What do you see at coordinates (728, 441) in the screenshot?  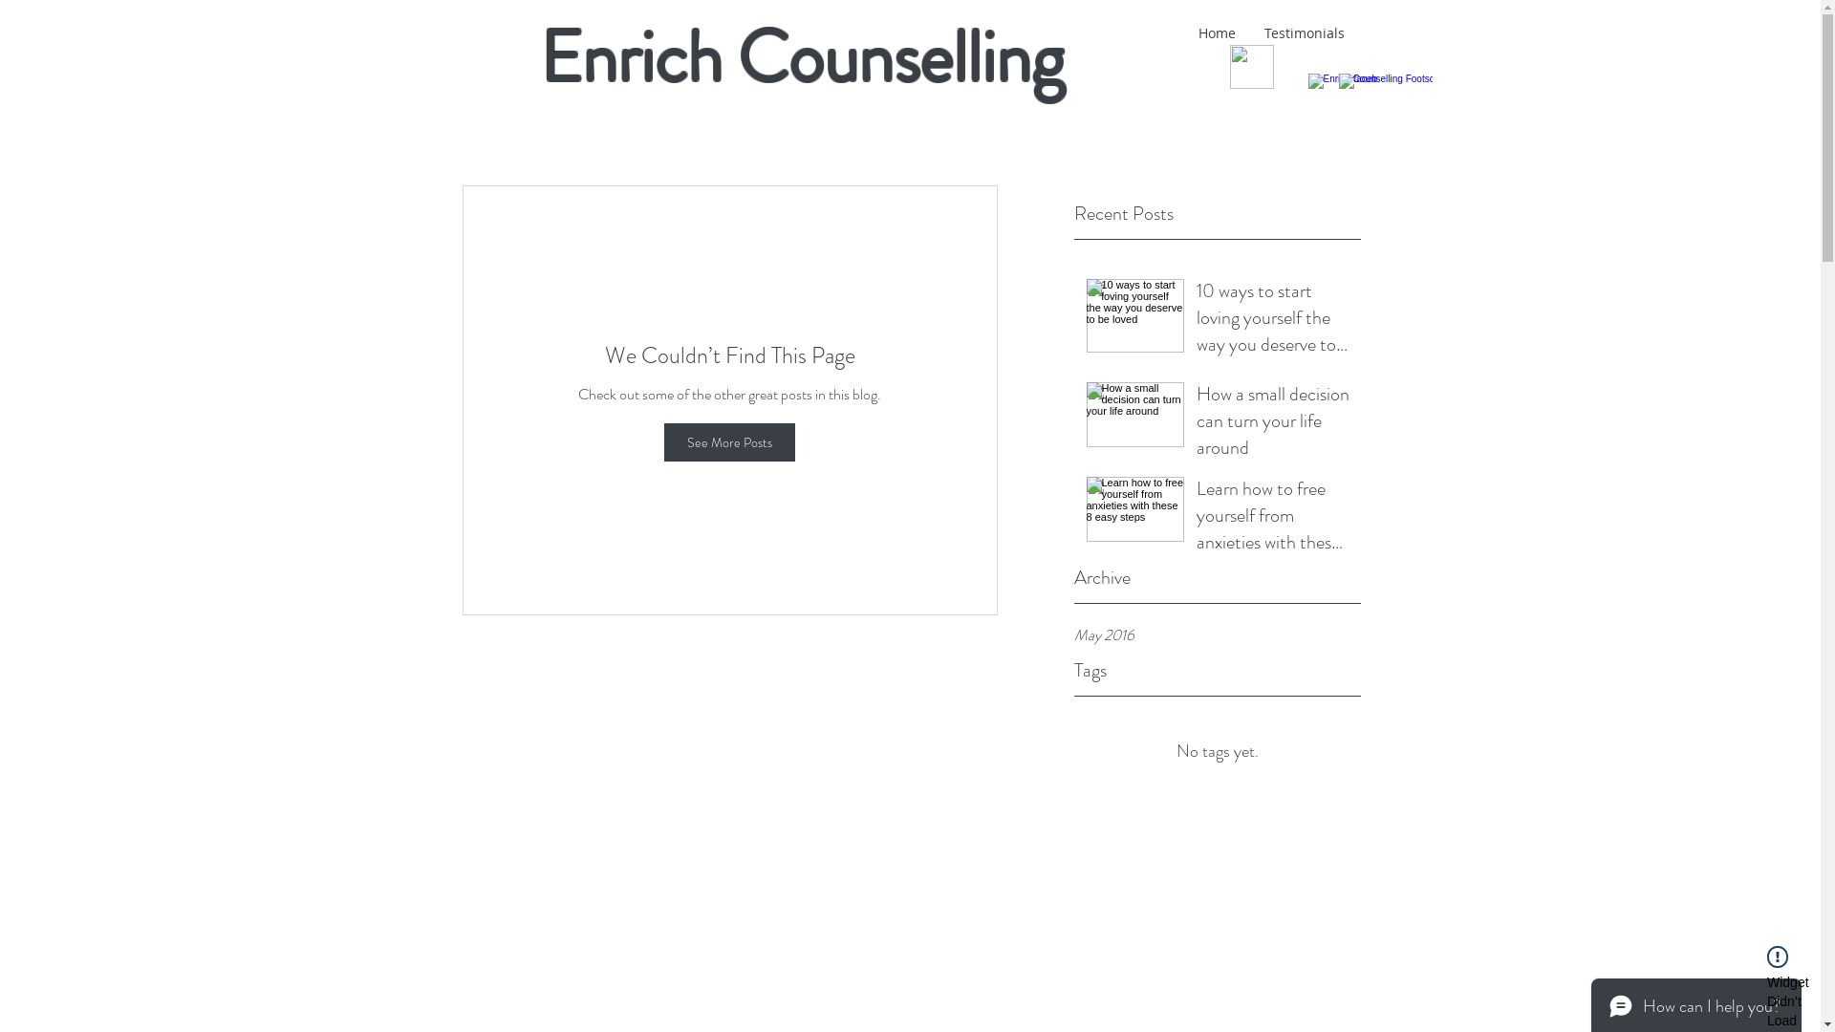 I see `'See More Posts'` at bounding box center [728, 441].